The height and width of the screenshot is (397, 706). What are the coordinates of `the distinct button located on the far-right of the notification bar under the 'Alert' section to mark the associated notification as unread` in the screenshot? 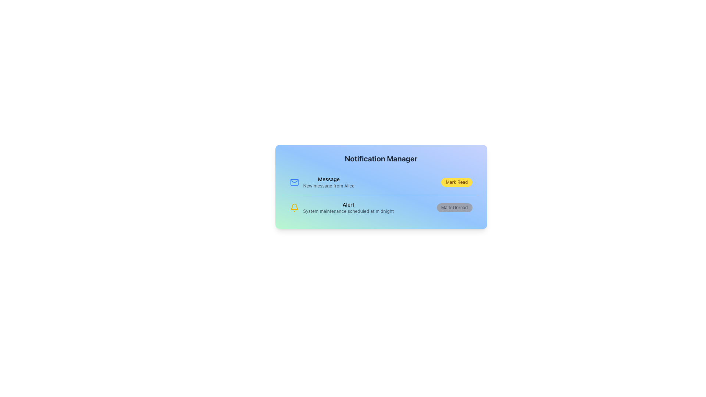 It's located at (454, 207).